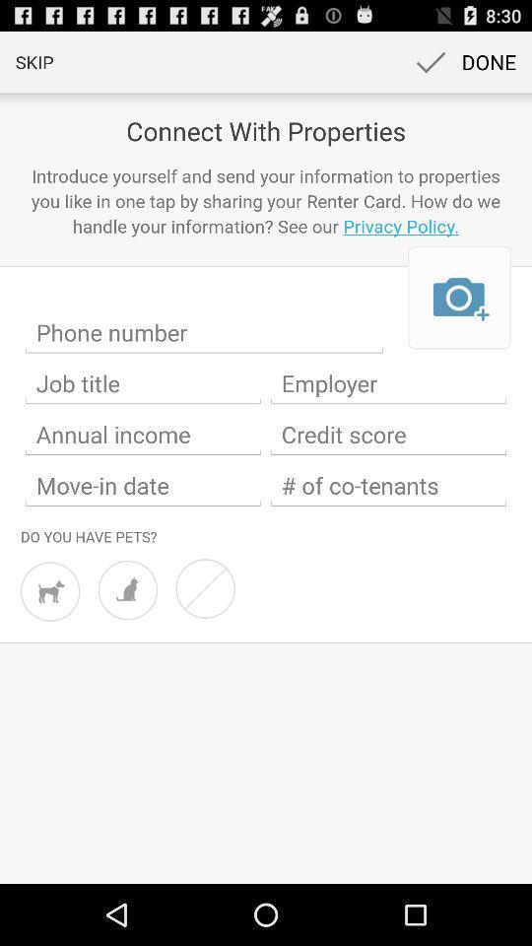 This screenshot has width=532, height=946. I want to click on the photo icon, so click(459, 318).